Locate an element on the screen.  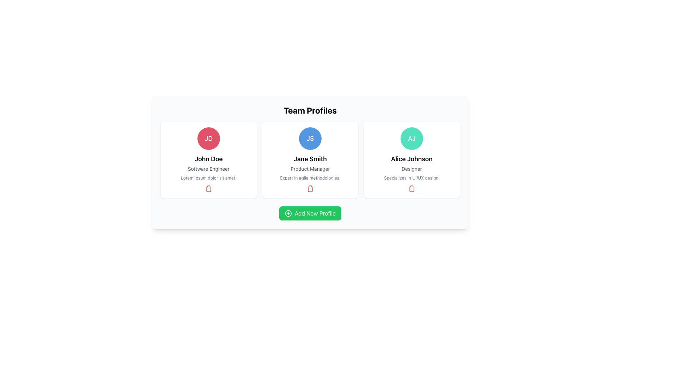
the text label describing Jane Smith's expertise in agile methodologies, which is located under the job title 'Product Manager' in her profile card is located at coordinates (310, 178).